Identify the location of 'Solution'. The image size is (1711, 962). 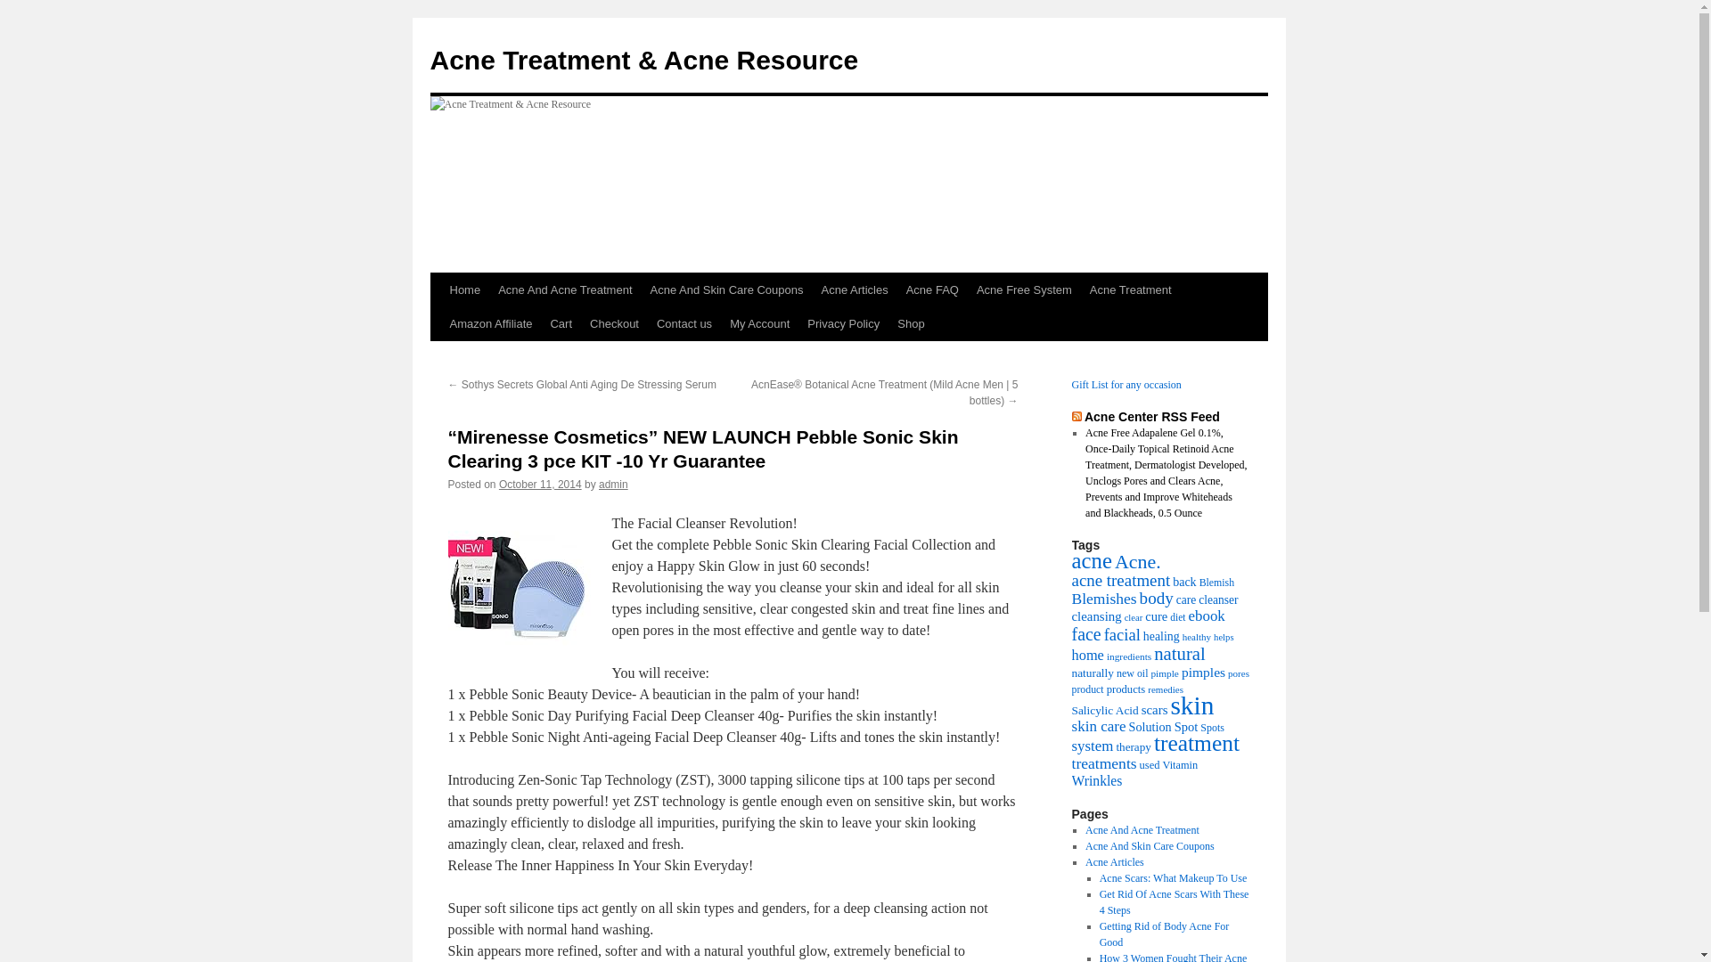
(1150, 727).